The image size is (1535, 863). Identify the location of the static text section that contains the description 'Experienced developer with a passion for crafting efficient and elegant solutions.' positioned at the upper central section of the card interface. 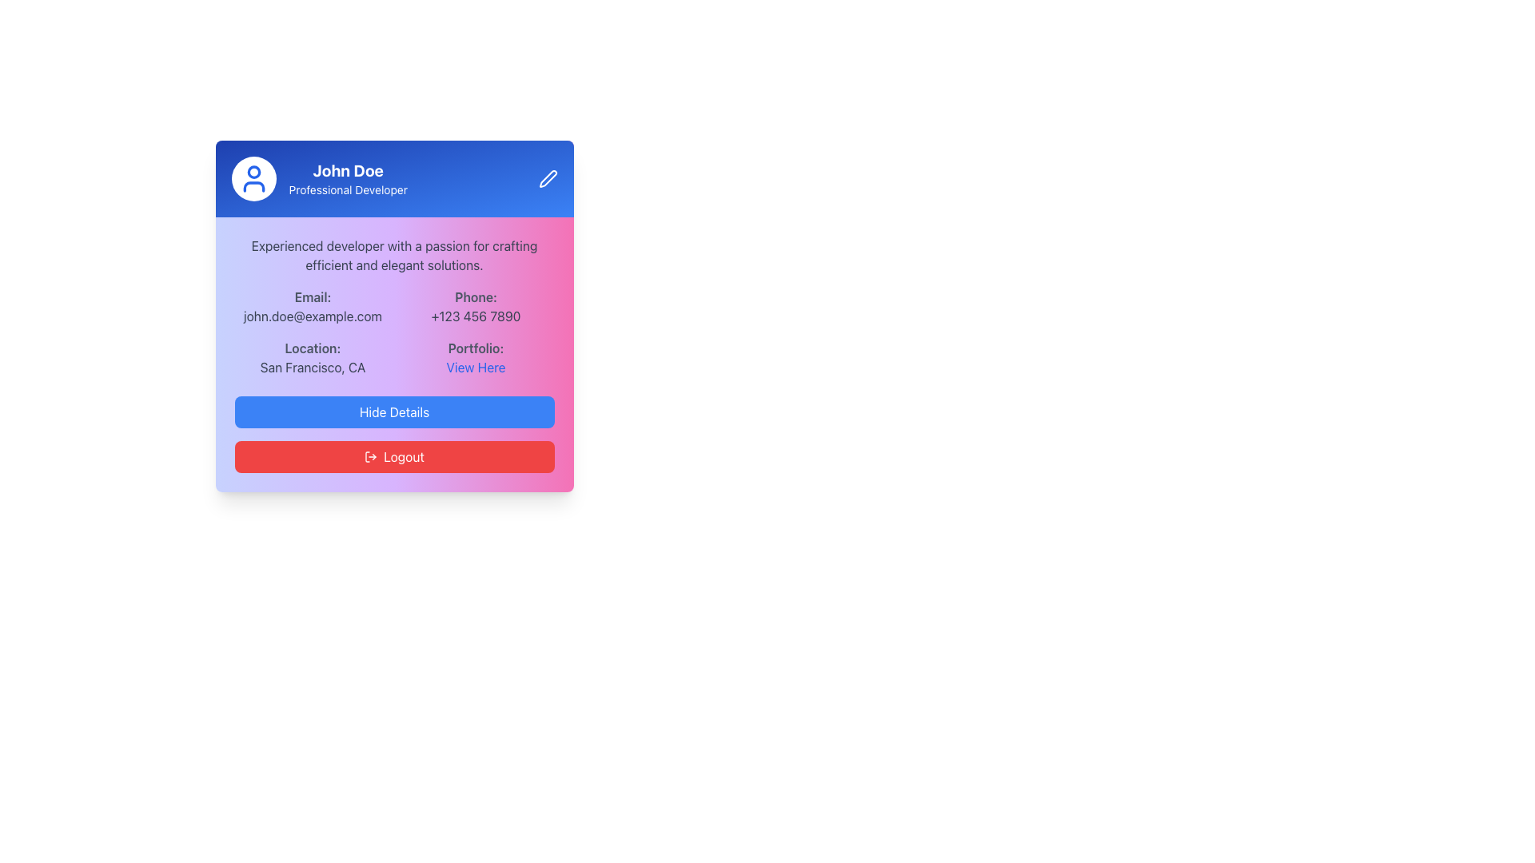
(394, 255).